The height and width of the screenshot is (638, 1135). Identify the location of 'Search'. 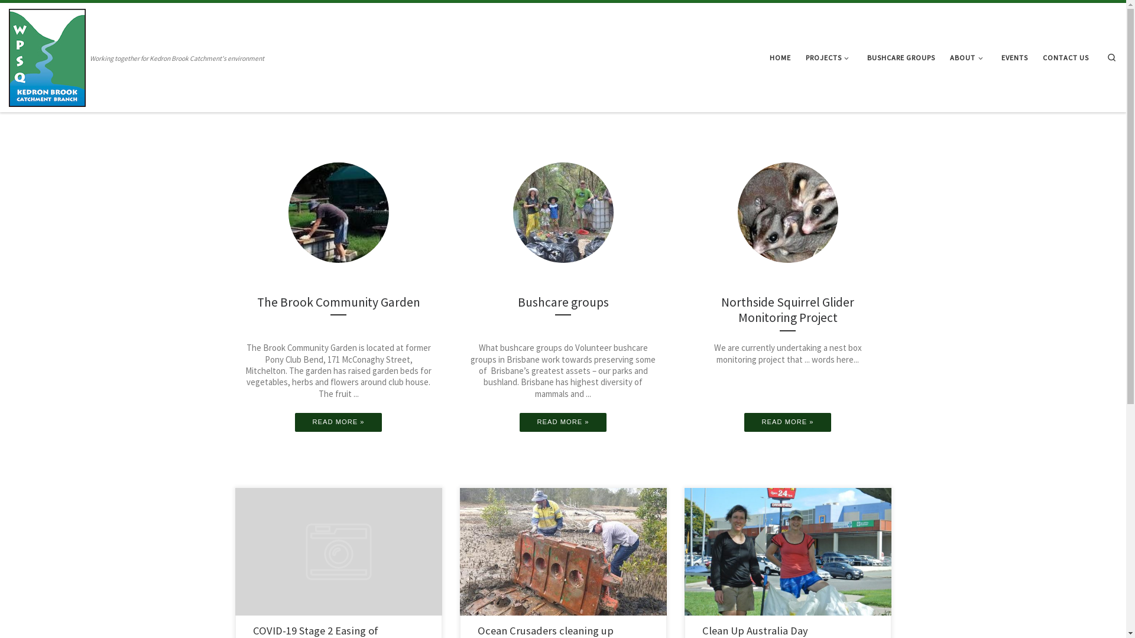
(1111, 57).